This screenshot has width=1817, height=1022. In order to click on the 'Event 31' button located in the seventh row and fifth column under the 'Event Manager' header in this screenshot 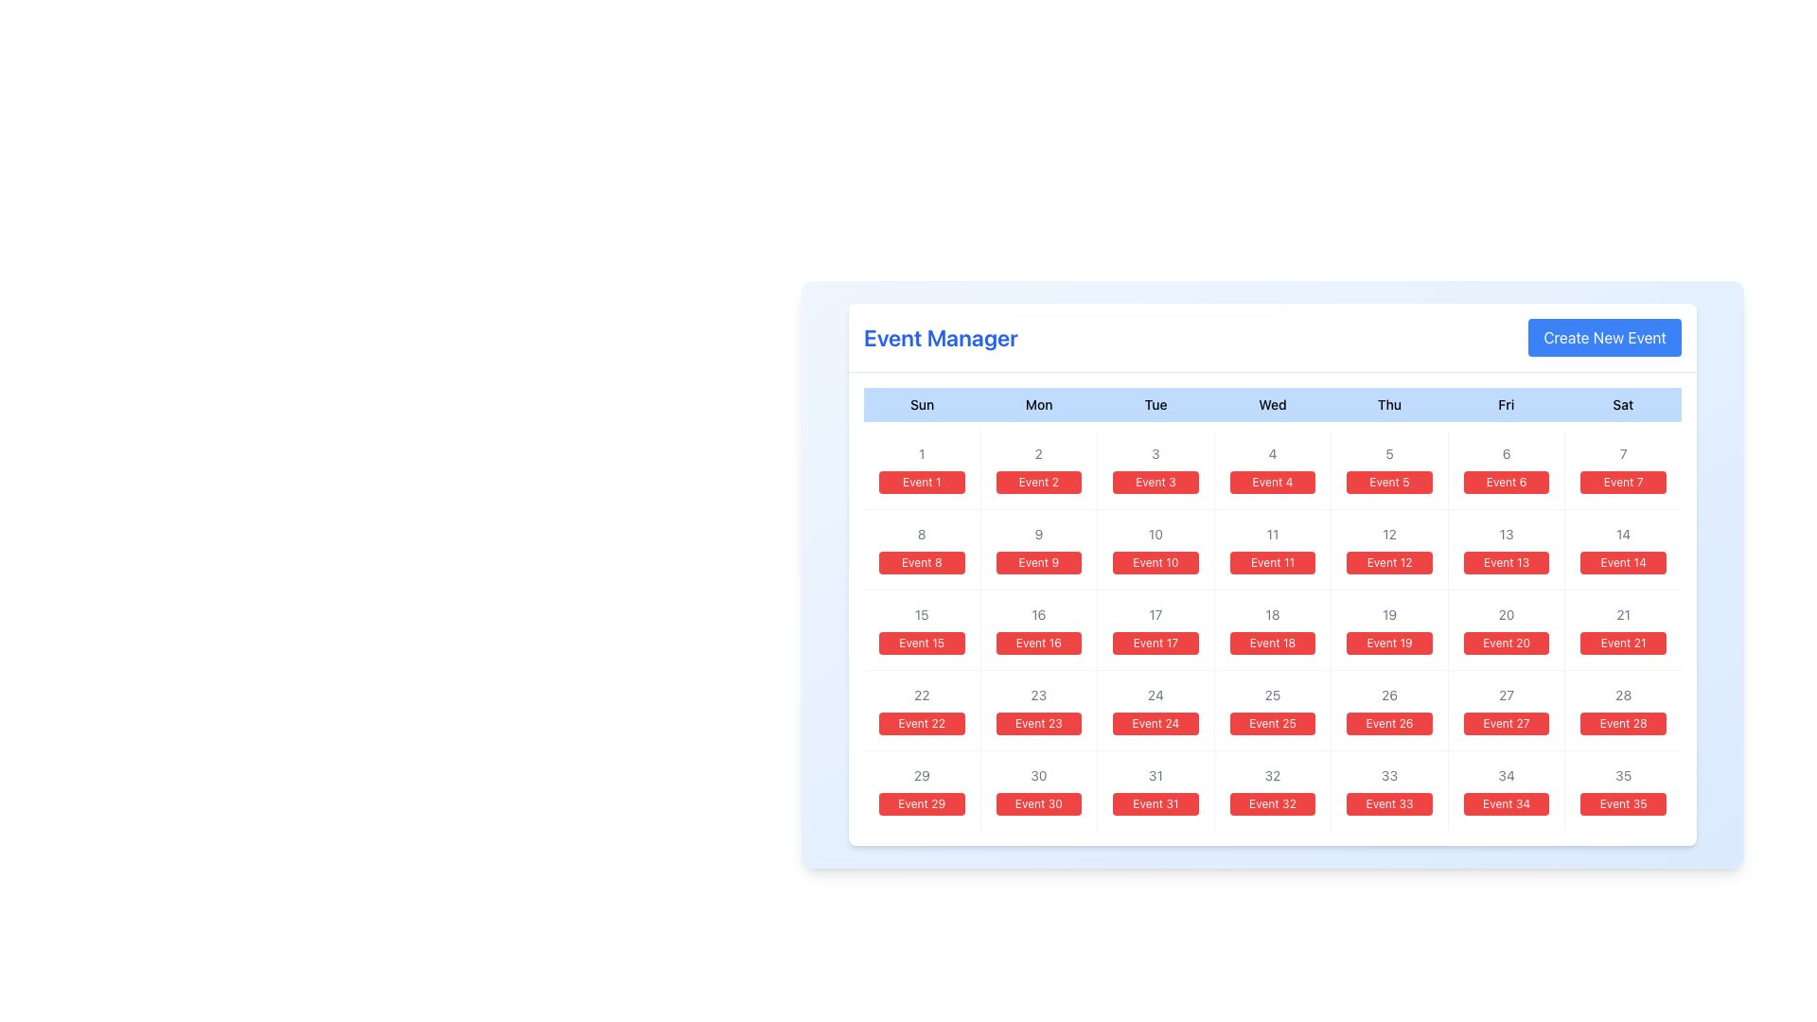, I will do `click(1155, 803)`.